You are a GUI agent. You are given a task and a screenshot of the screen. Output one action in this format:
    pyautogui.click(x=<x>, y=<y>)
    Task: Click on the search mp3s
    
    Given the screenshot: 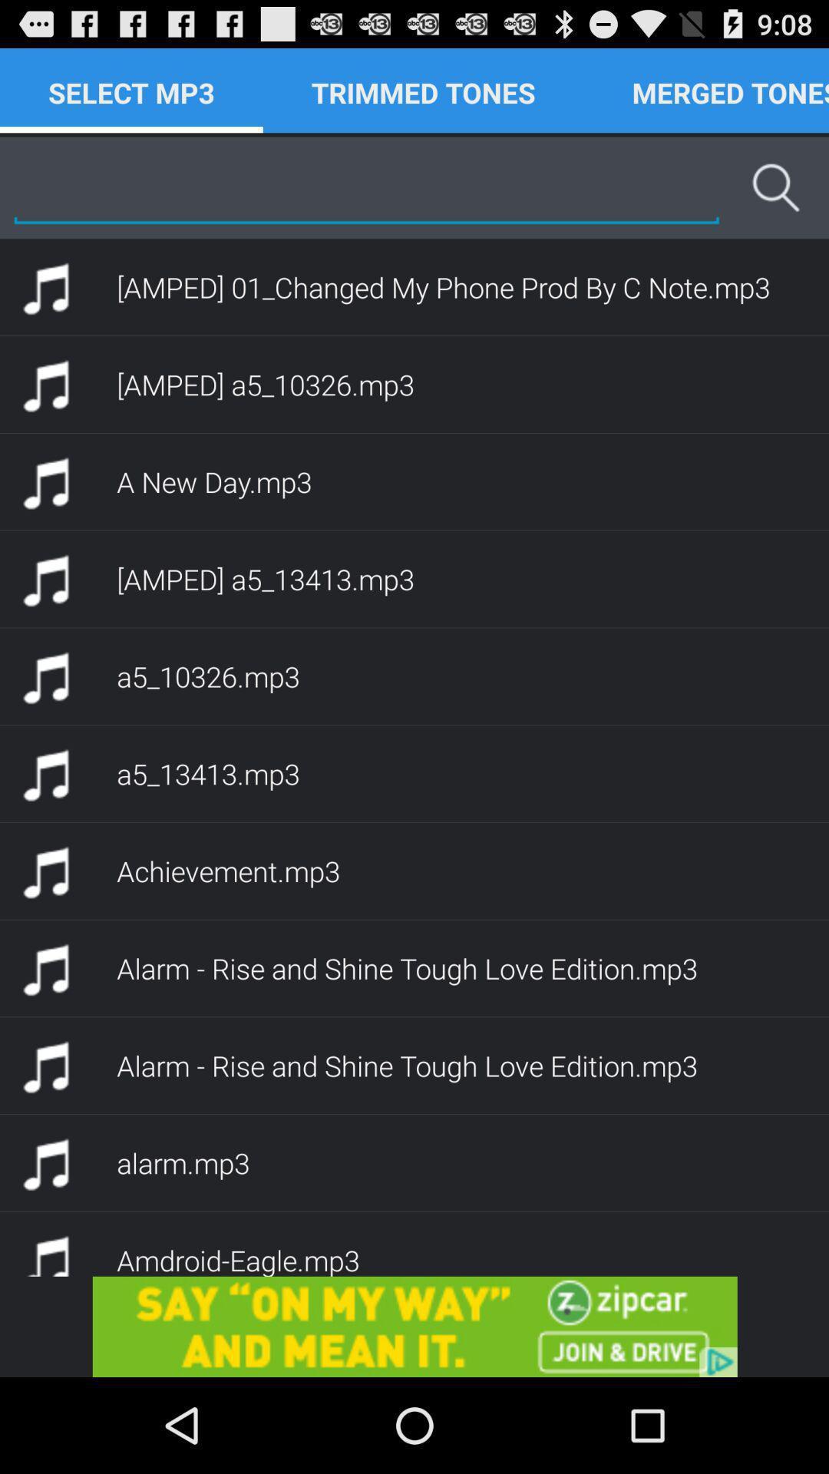 What is the action you would take?
    pyautogui.click(x=366, y=187)
    